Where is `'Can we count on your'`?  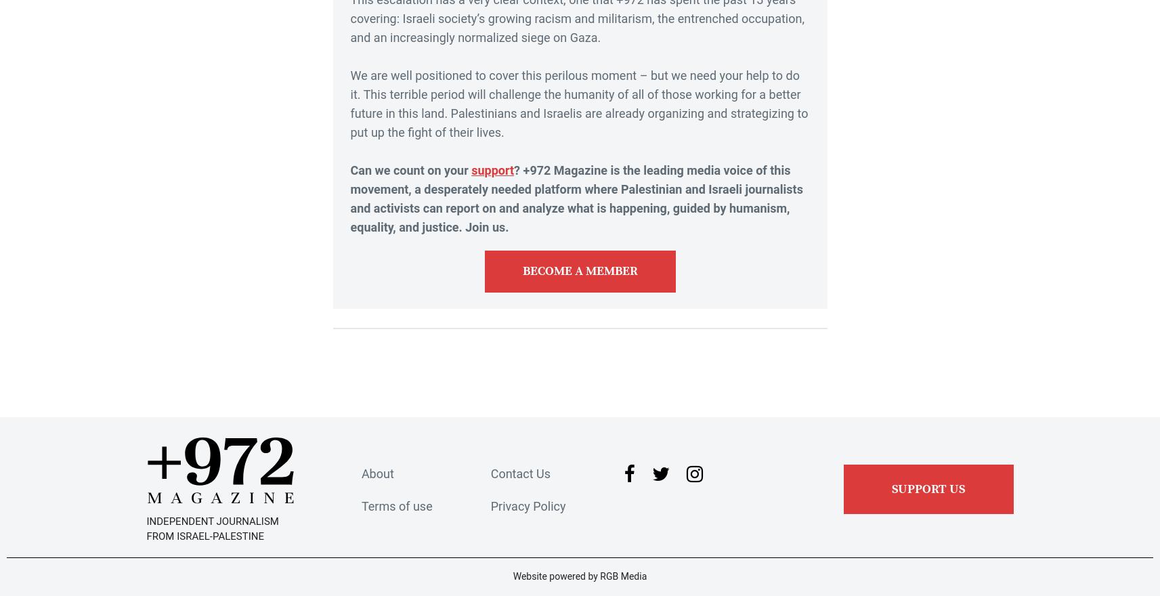
'Can we count on your' is located at coordinates (410, 169).